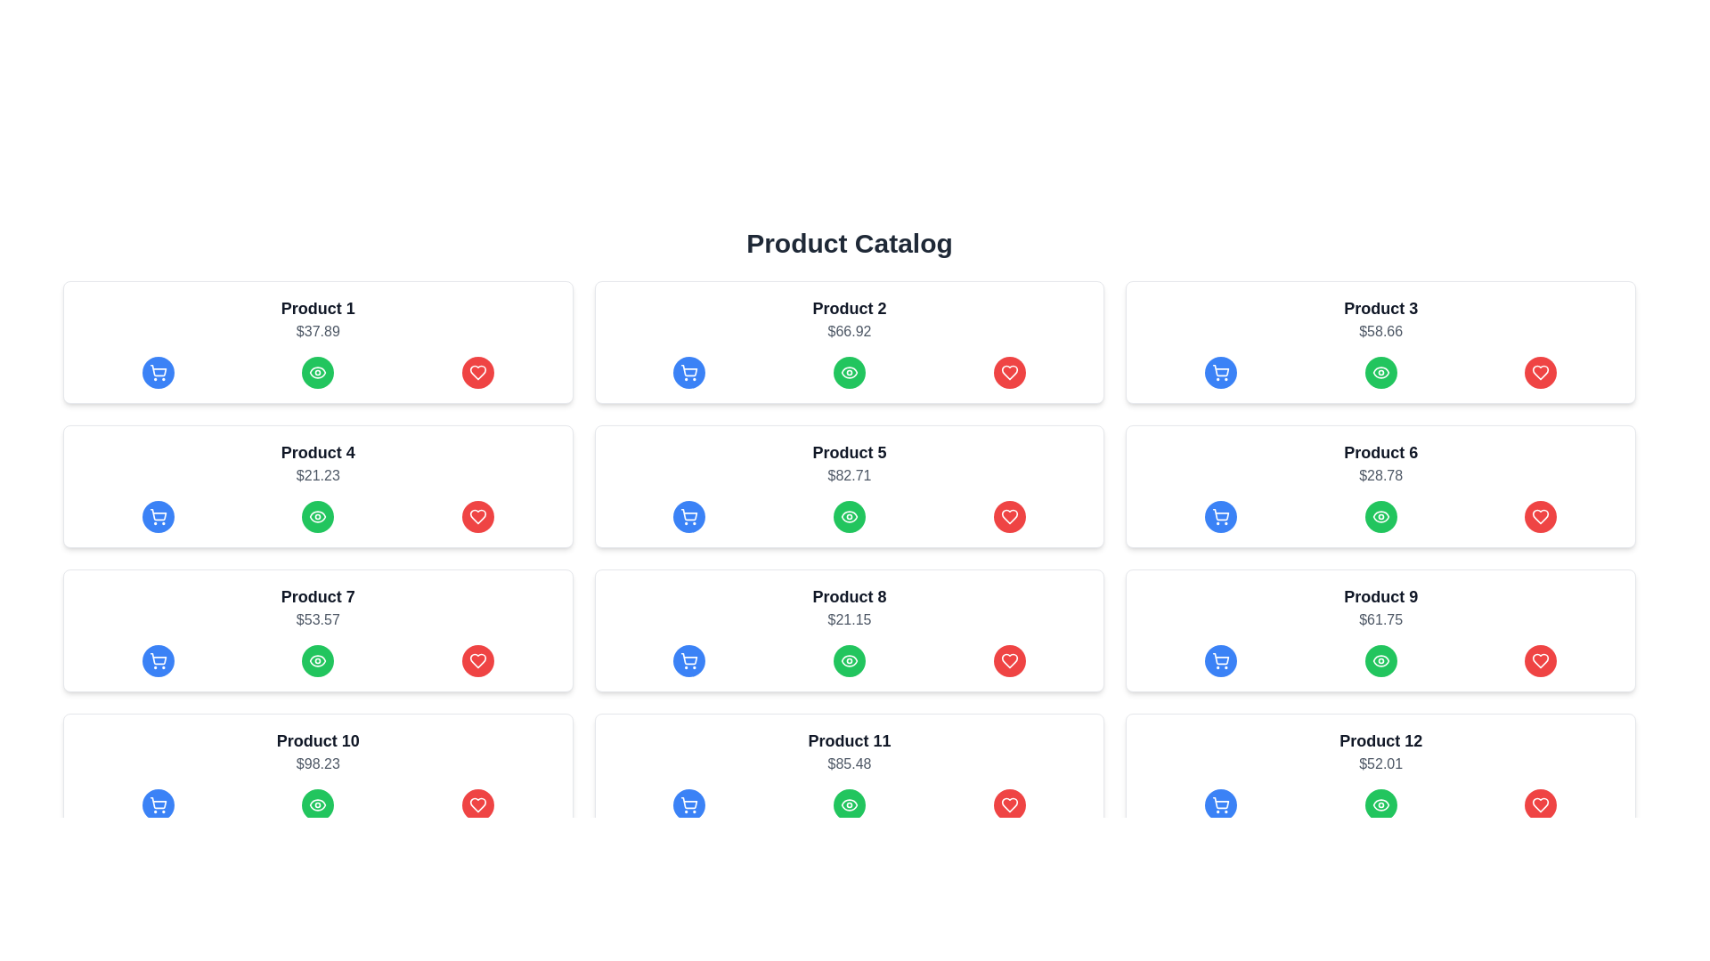 The image size is (1710, 961). What do you see at coordinates (1220, 805) in the screenshot?
I see `the blue circular button with a shopping cart icon located at the bottom-right corner of the 'Product 12' card` at bounding box center [1220, 805].